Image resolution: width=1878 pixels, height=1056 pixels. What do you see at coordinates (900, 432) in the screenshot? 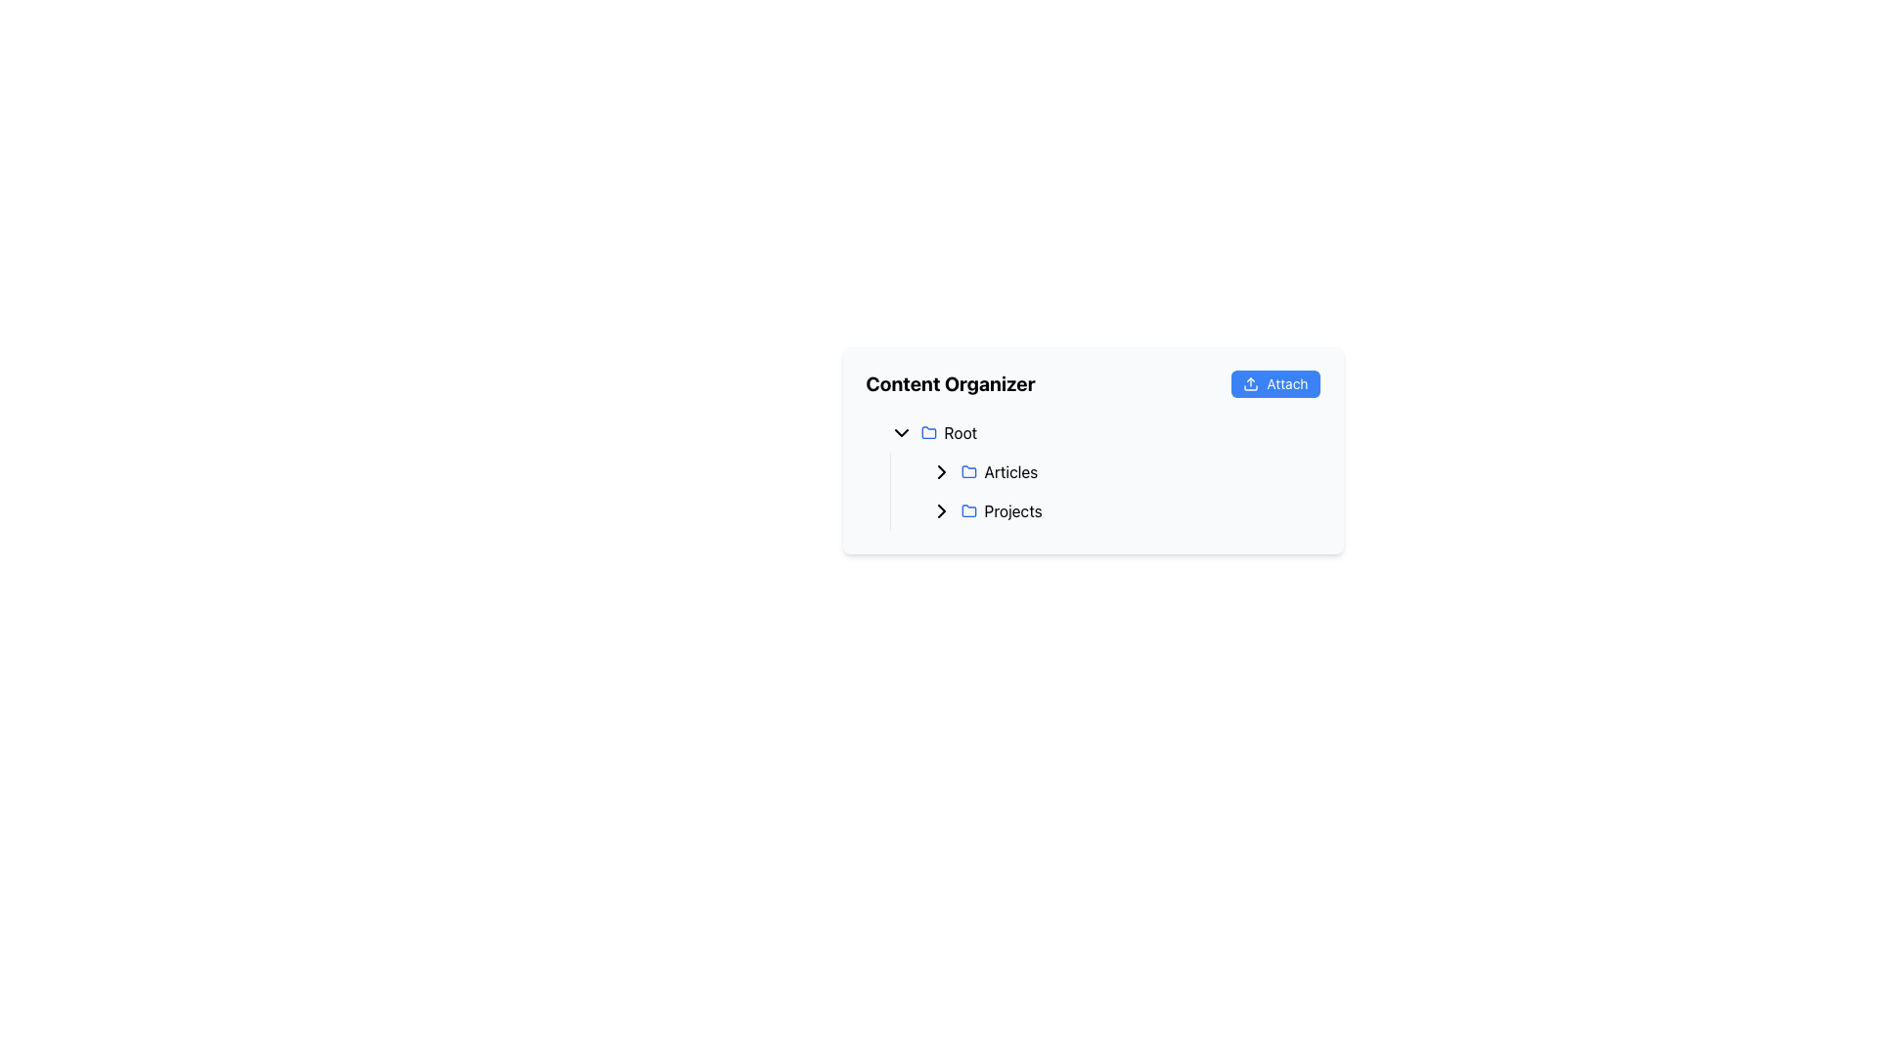
I see `the Chevron icon` at bounding box center [900, 432].